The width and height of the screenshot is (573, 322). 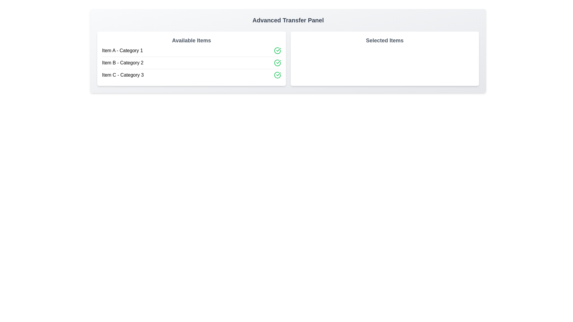 I want to click on the marker icon located to the far right of the row in the 'Item B - Category 2' group under 'Available Items', so click(x=277, y=63).